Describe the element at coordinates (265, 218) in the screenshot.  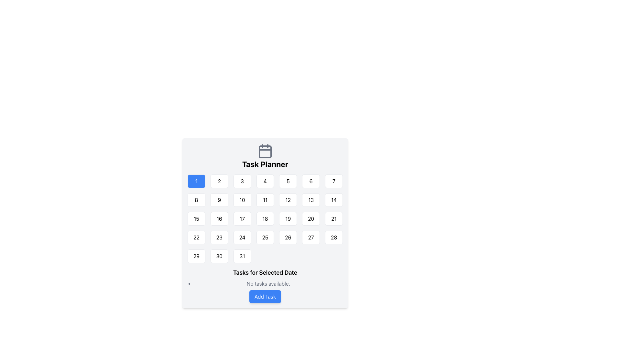
I see `the button in the fifth row and fourth column of the Task Planner calendar` at that location.